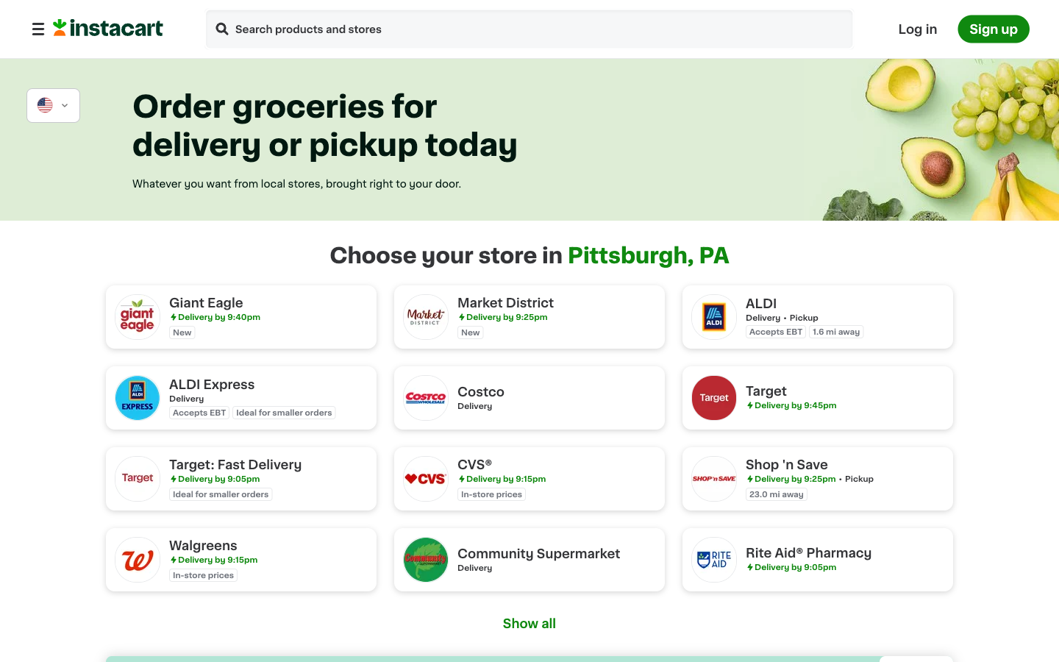 The height and width of the screenshot is (662, 1059). What do you see at coordinates (241, 478) in the screenshot?
I see `Obtain quick shipment from Target Store` at bounding box center [241, 478].